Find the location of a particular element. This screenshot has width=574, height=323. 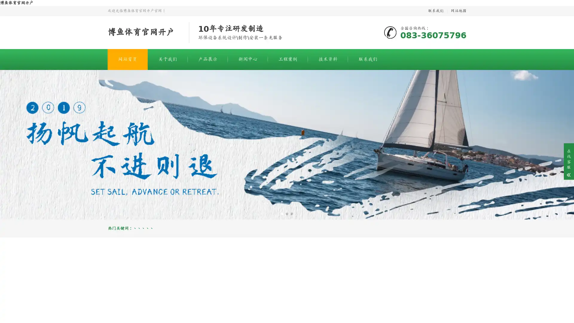

Go to slide 3 is located at coordinates (291, 213).